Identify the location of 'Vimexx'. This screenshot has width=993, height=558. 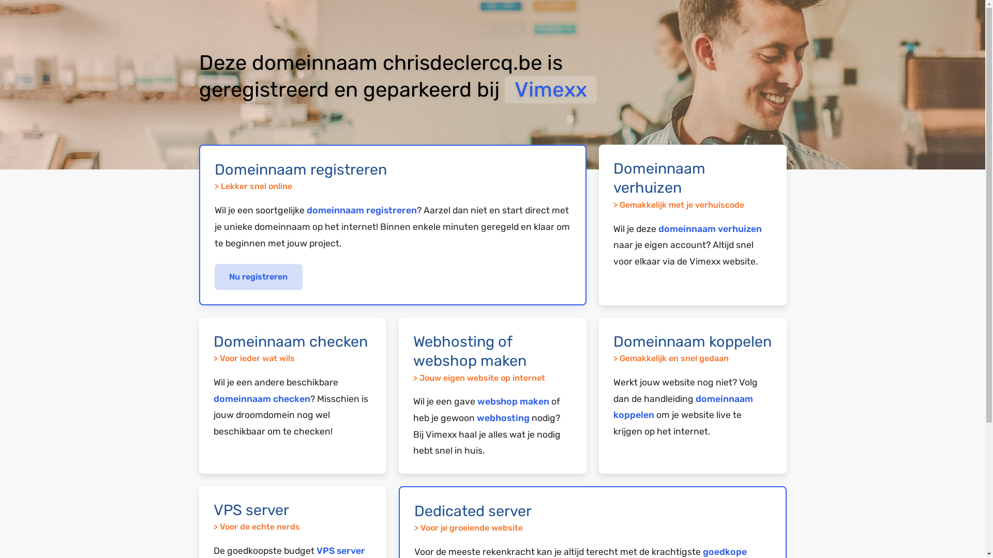
(550, 89).